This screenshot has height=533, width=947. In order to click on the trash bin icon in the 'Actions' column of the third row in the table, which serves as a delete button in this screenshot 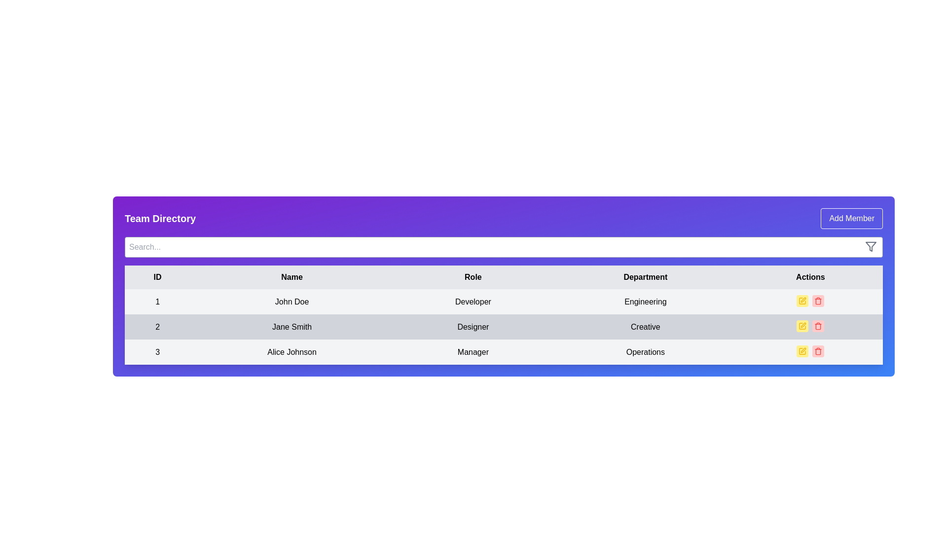, I will do `click(818, 301)`.